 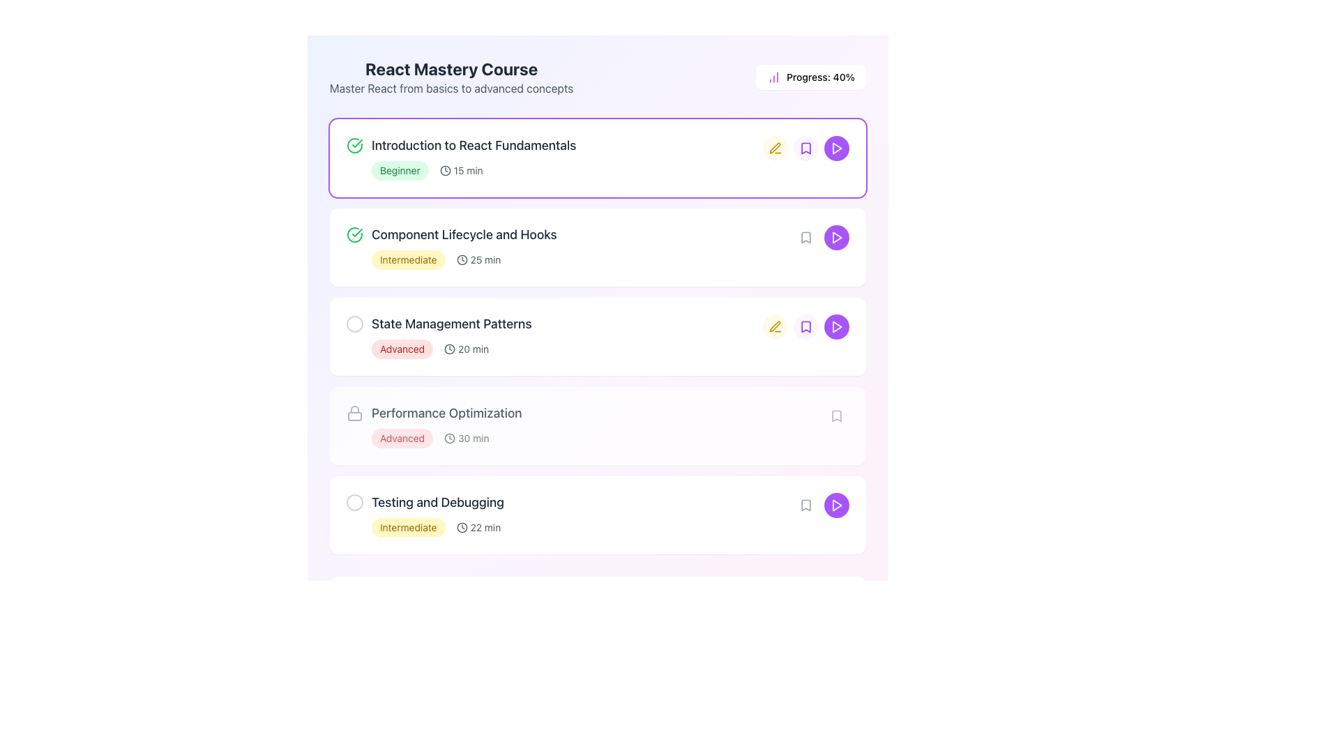 What do you see at coordinates (806, 236) in the screenshot?
I see `the bookmark icon, which is an outline depiction with a cut-out shape at the bottom` at bounding box center [806, 236].